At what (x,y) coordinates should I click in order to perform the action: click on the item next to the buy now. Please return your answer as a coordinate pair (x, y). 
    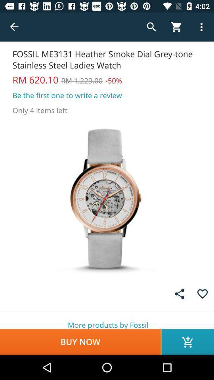
    Looking at the image, I should click on (187, 342).